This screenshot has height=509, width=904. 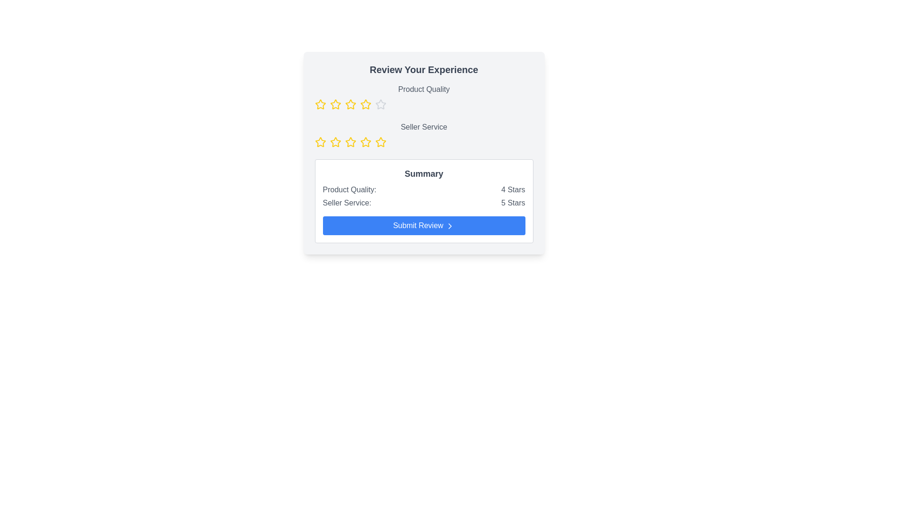 What do you see at coordinates (335, 142) in the screenshot?
I see `the third star in the rating system for 'Seller Service'` at bounding box center [335, 142].